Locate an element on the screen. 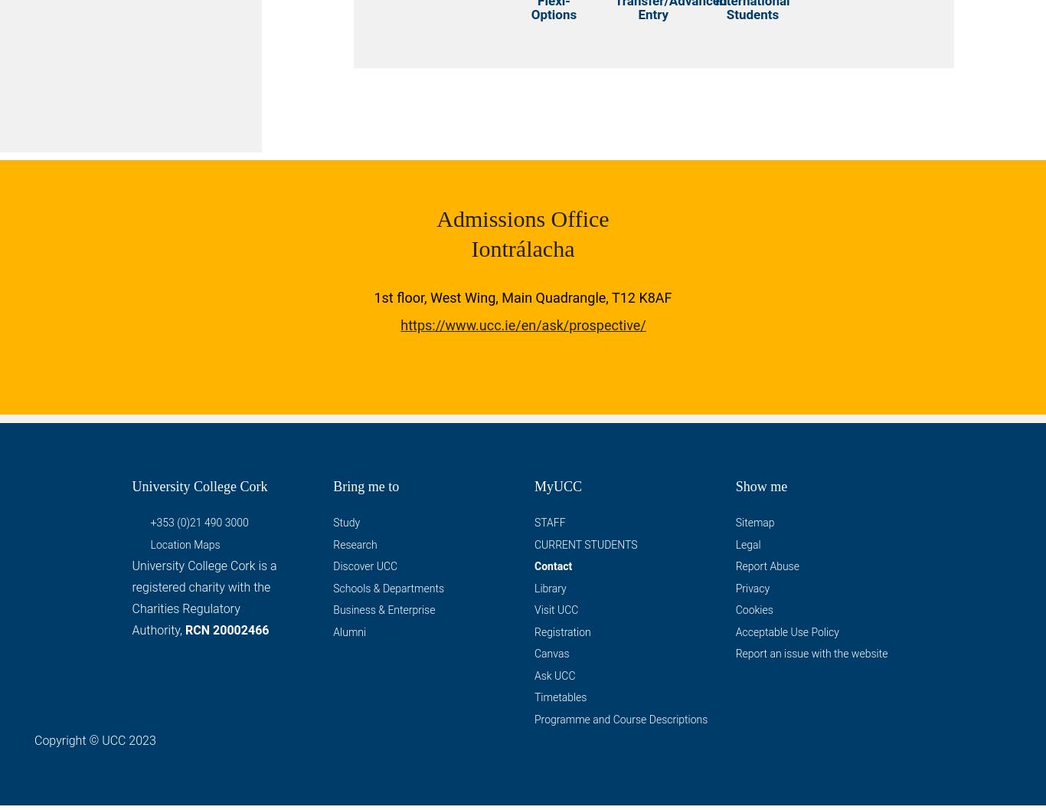  'Ask UCC' is located at coordinates (554, 679).